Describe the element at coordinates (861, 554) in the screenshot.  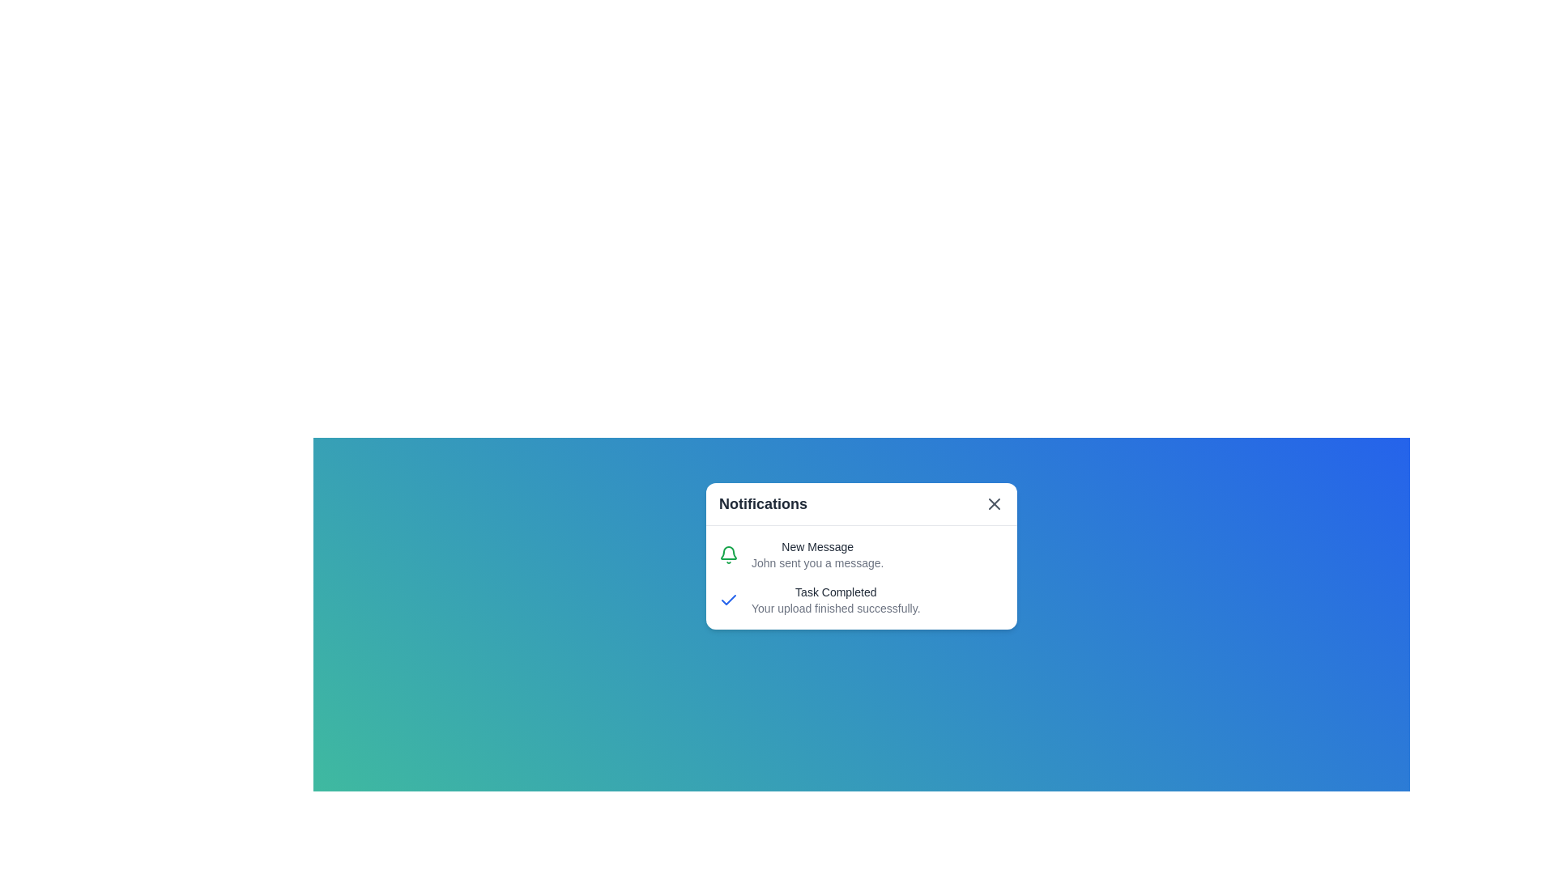
I see `details of the first notification item in the notification panel, which includes a green notification bell icon and the text 'New Message' followed by 'John sent you a message.'` at that location.